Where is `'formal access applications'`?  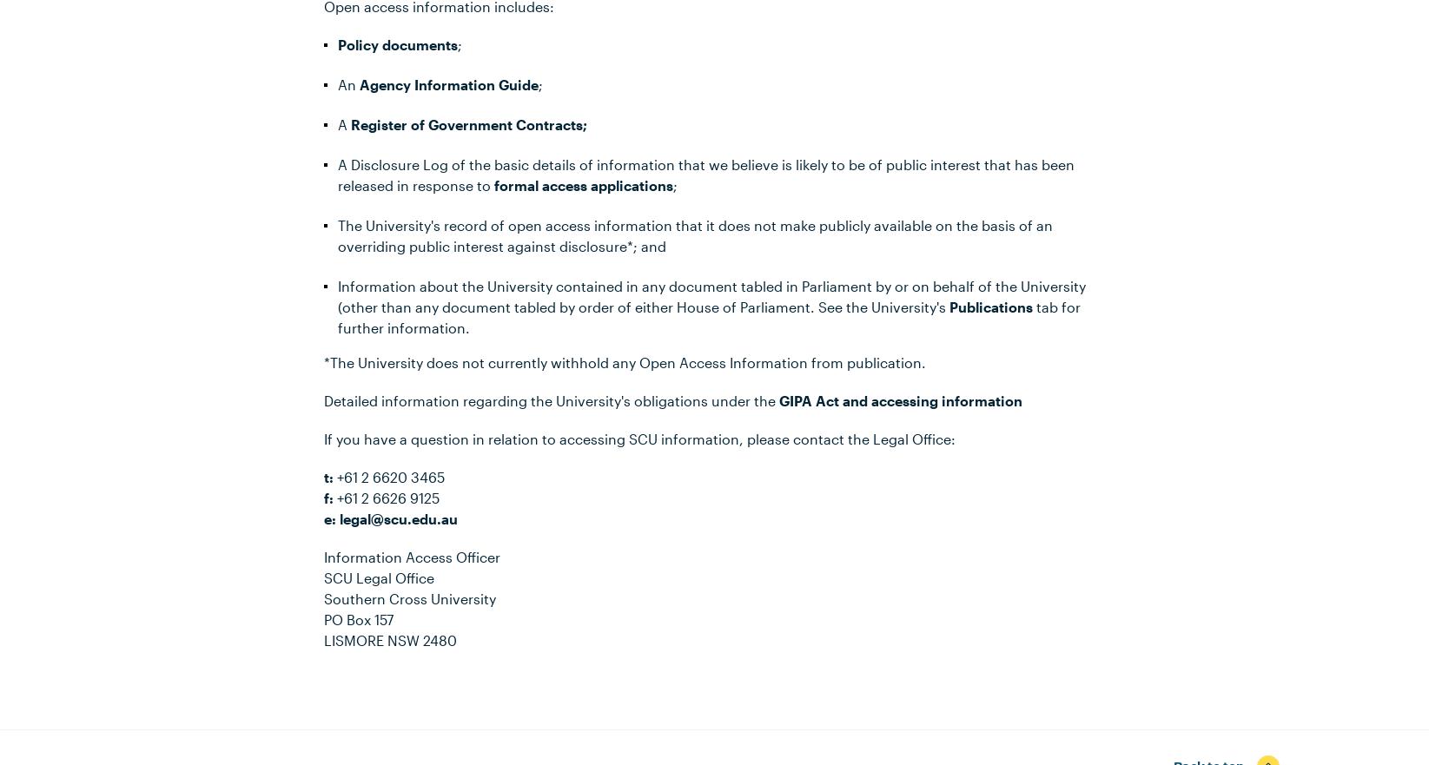 'formal access applications' is located at coordinates (581, 184).